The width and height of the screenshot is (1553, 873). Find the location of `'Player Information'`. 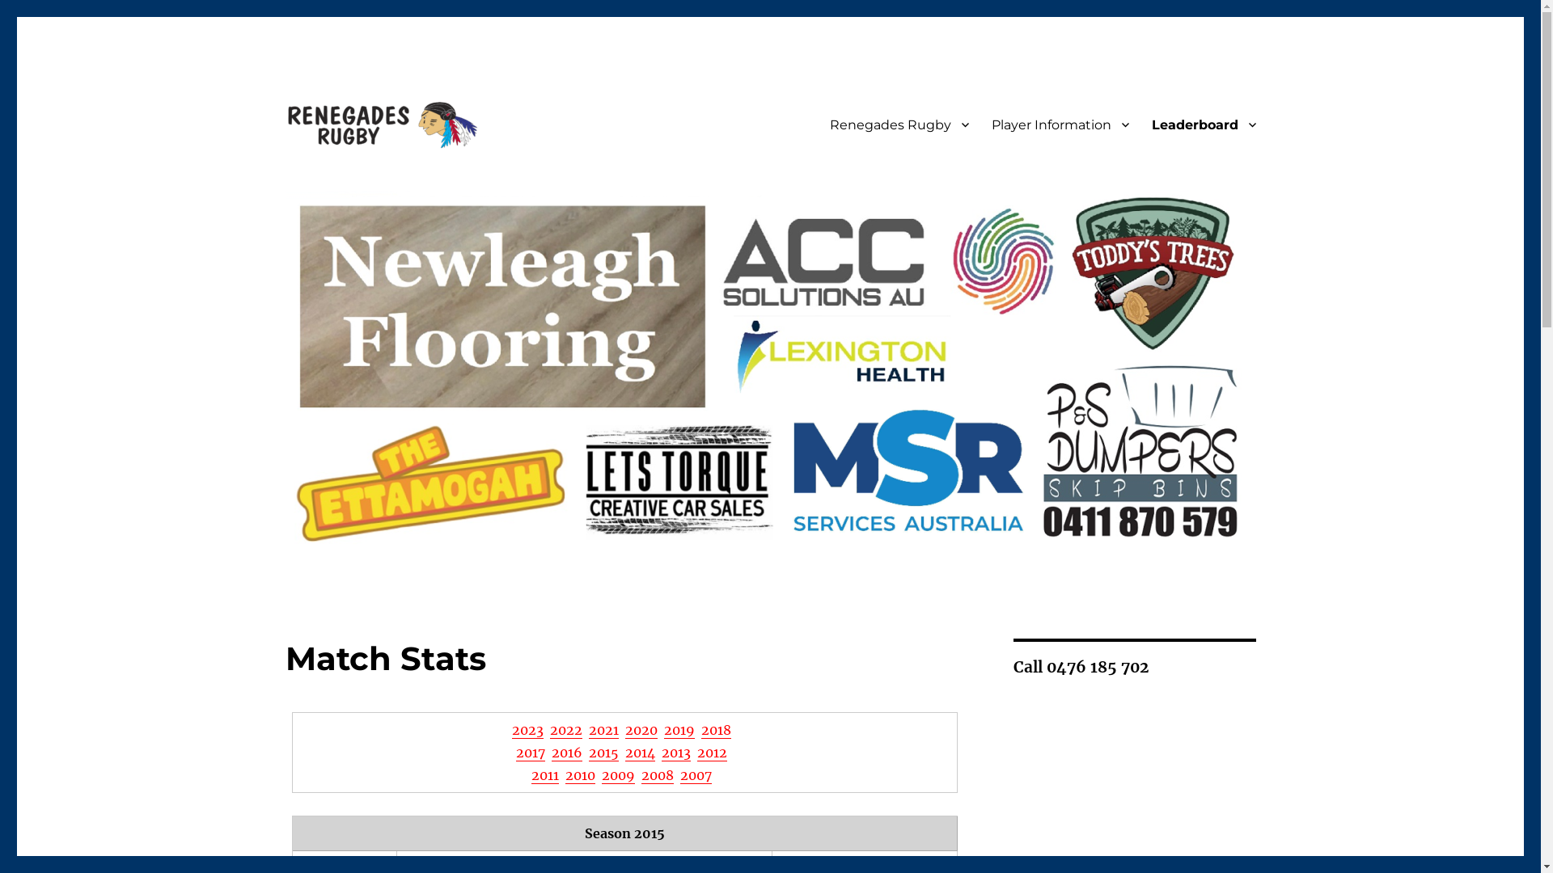

'Player Information' is located at coordinates (1060, 124).